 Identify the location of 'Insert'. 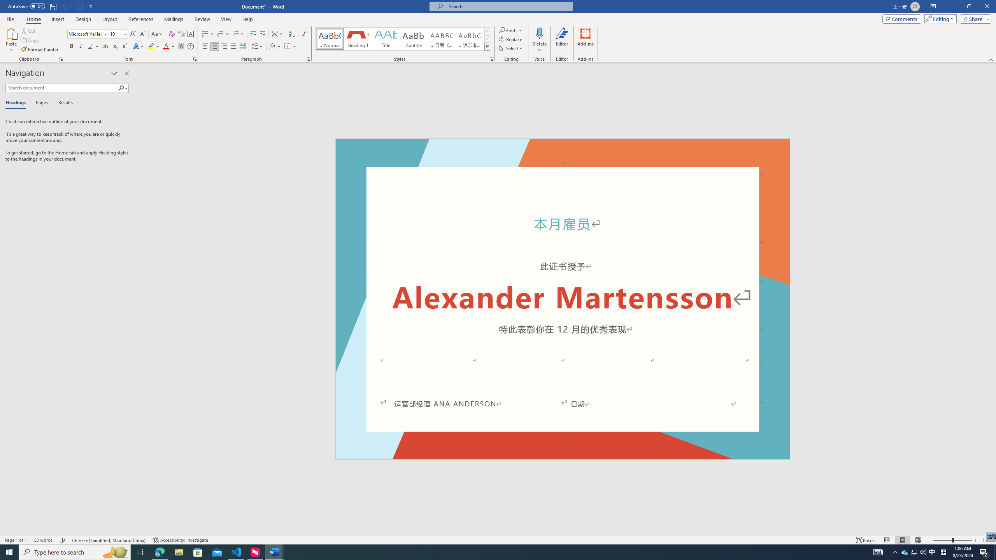
(57, 19).